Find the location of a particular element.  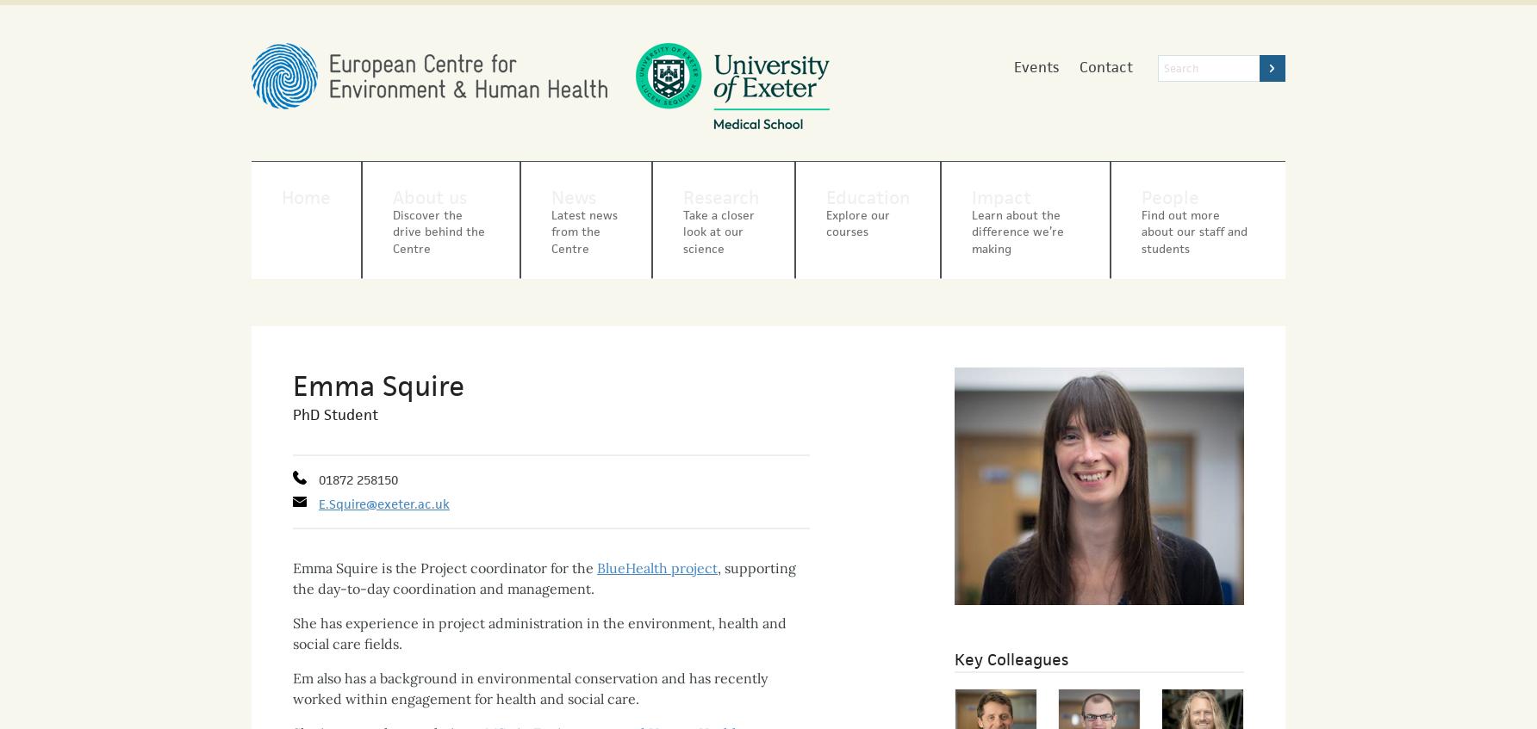

'Emma Squire' is located at coordinates (377, 370).